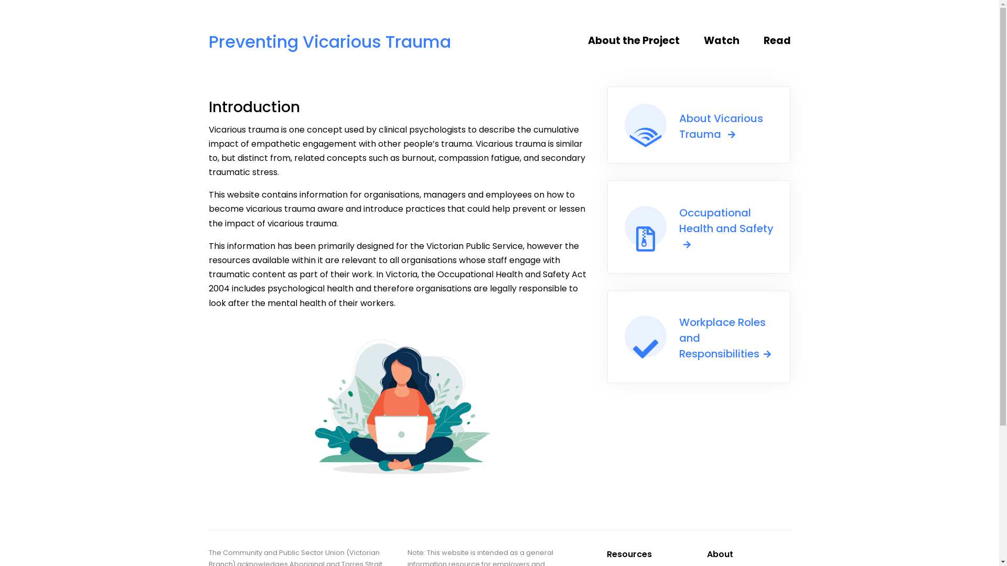 The width and height of the screenshot is (1007, 566). Describe the element at coordinates (773, 40) in the screenshot. I see `'Read'` at that location.